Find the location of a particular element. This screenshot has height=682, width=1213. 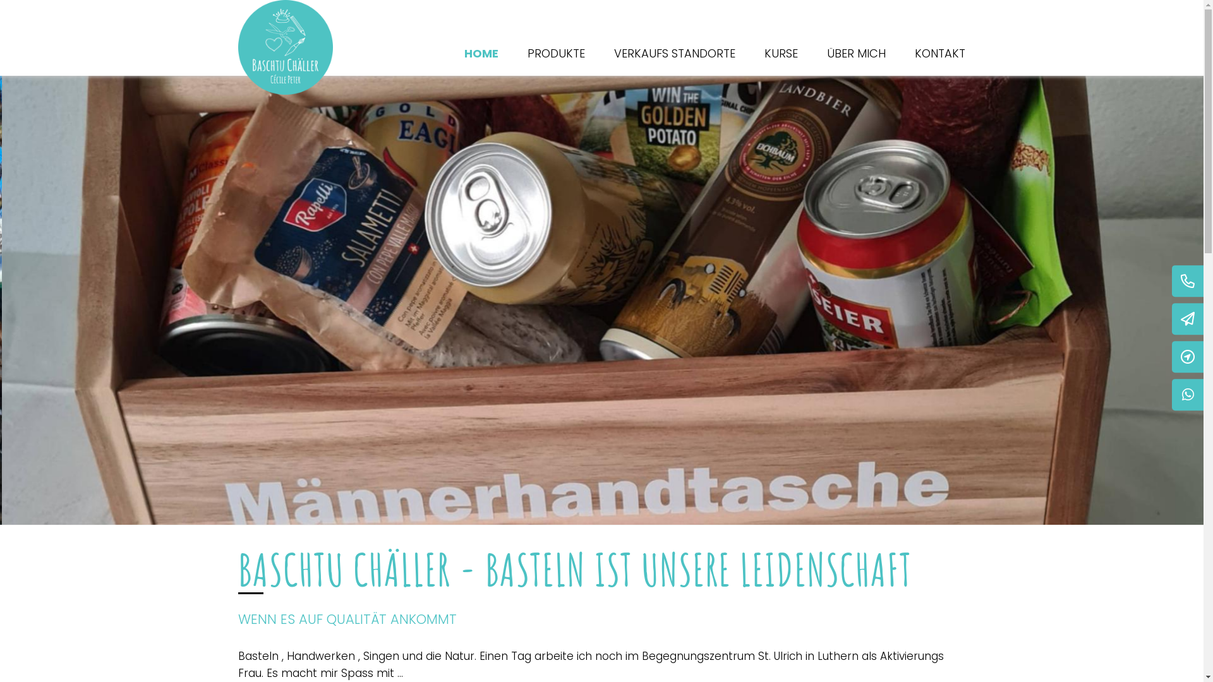

'PRODUKTE' is located at coordinates (555, 52).